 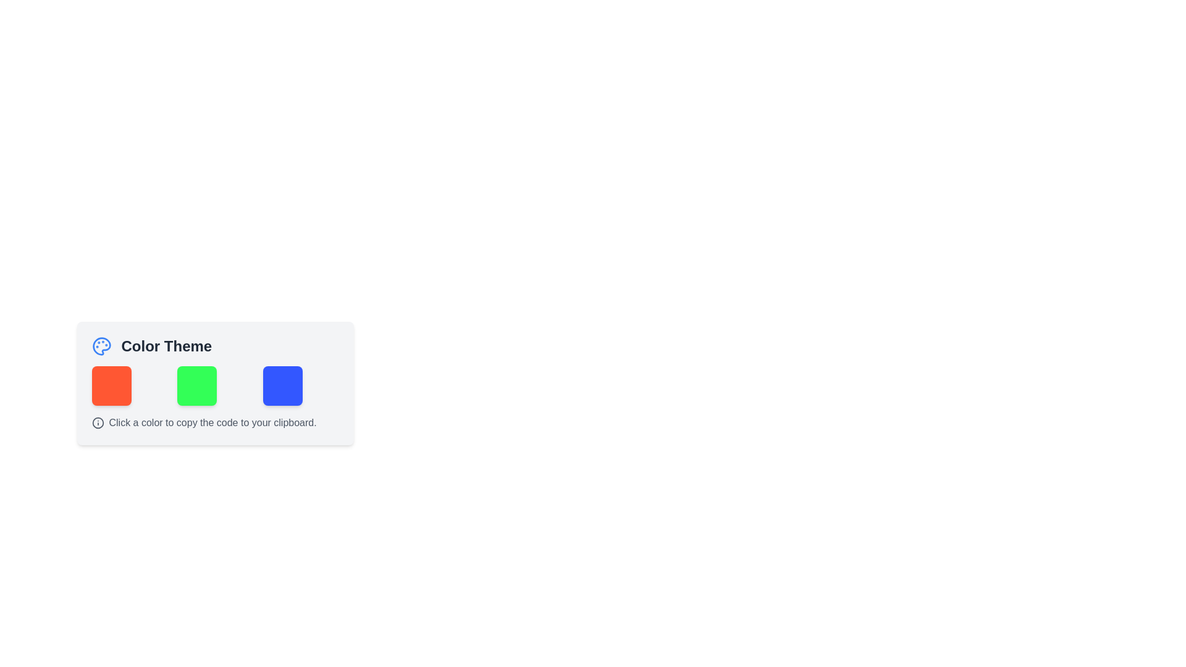 What do you see at coordinates (97, 422) in the screenshot?
I see `the circular vector graphic located at the top left corner of the 'Color Theme' card section` at bounding box center [97, 422].